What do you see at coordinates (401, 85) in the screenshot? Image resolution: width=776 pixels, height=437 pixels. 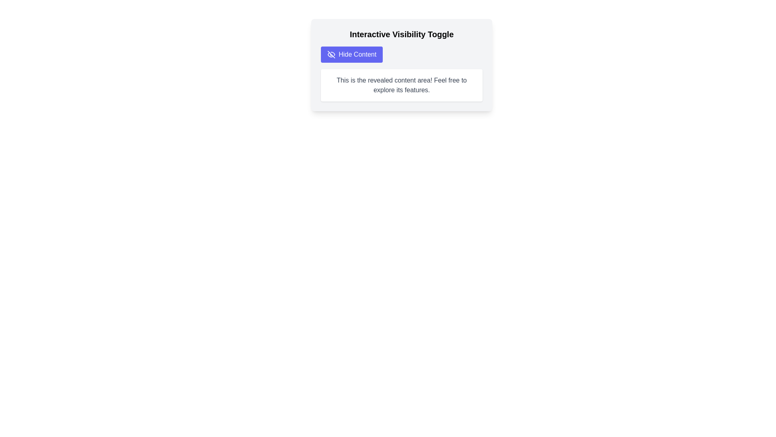 I see `the text display element that contains the content 'This is the revealed content area! Feel free` at bounding box center [401, 85].